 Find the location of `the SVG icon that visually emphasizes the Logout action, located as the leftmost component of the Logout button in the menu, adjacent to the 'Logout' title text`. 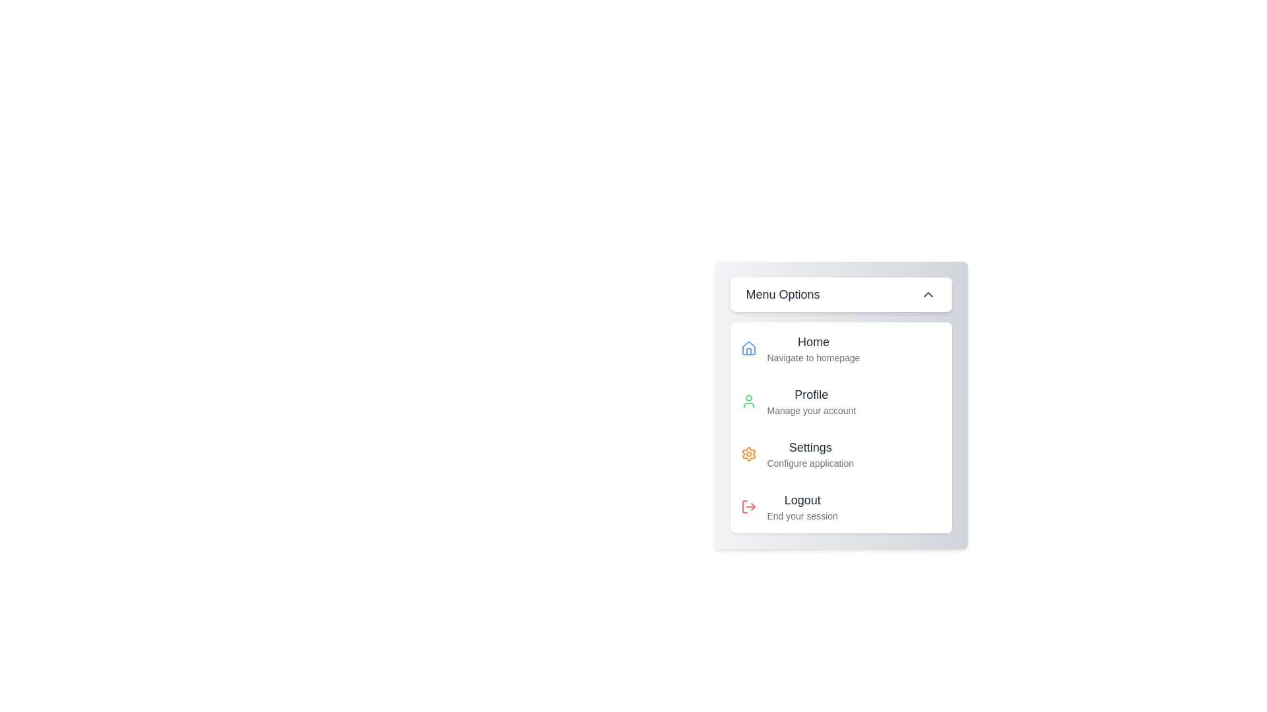

the SVG icon that visually emphasizes the Logout action, located as the leftmost component of the Logout button in the menu, adjacent to the 'Logout' title text is located at coordinates (748, 506).